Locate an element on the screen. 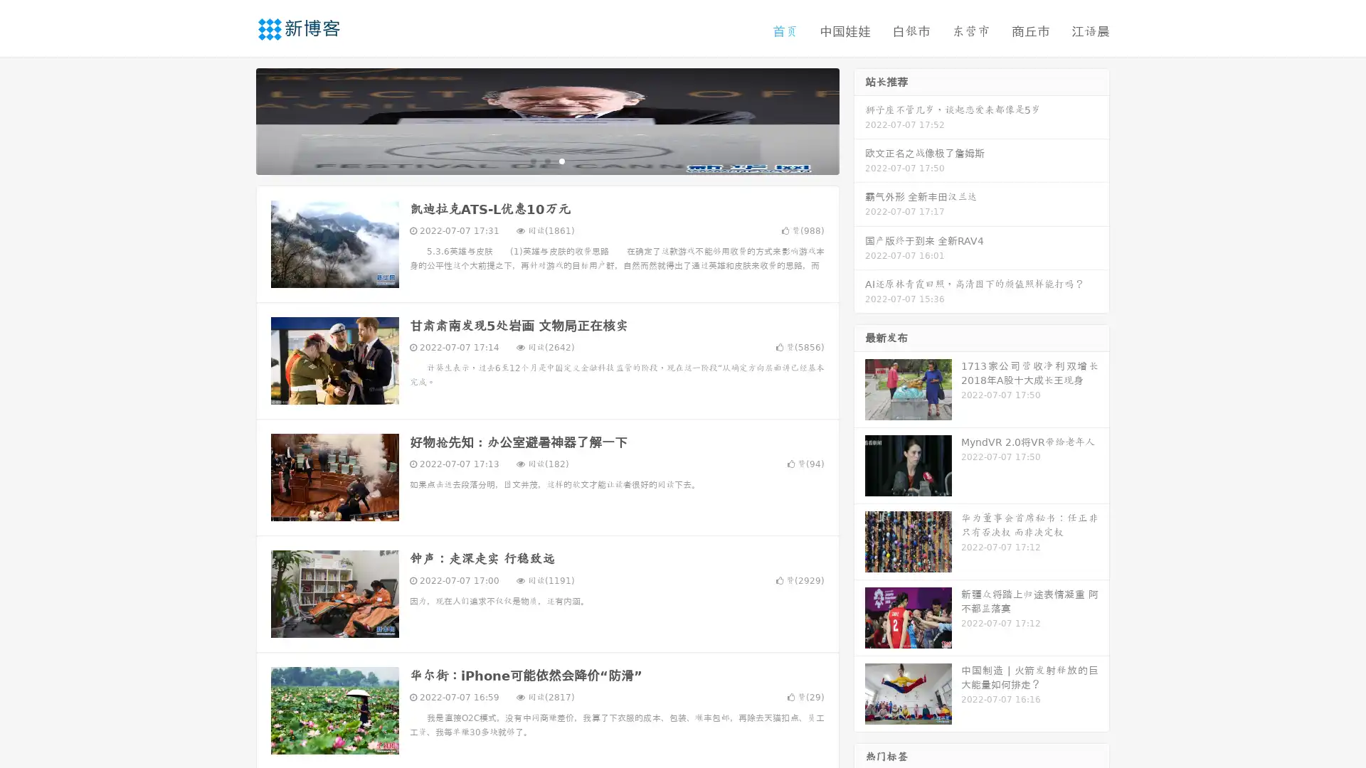 This screenshot has height=768, width=1366. Next slide is located at coordinates (859, 119).